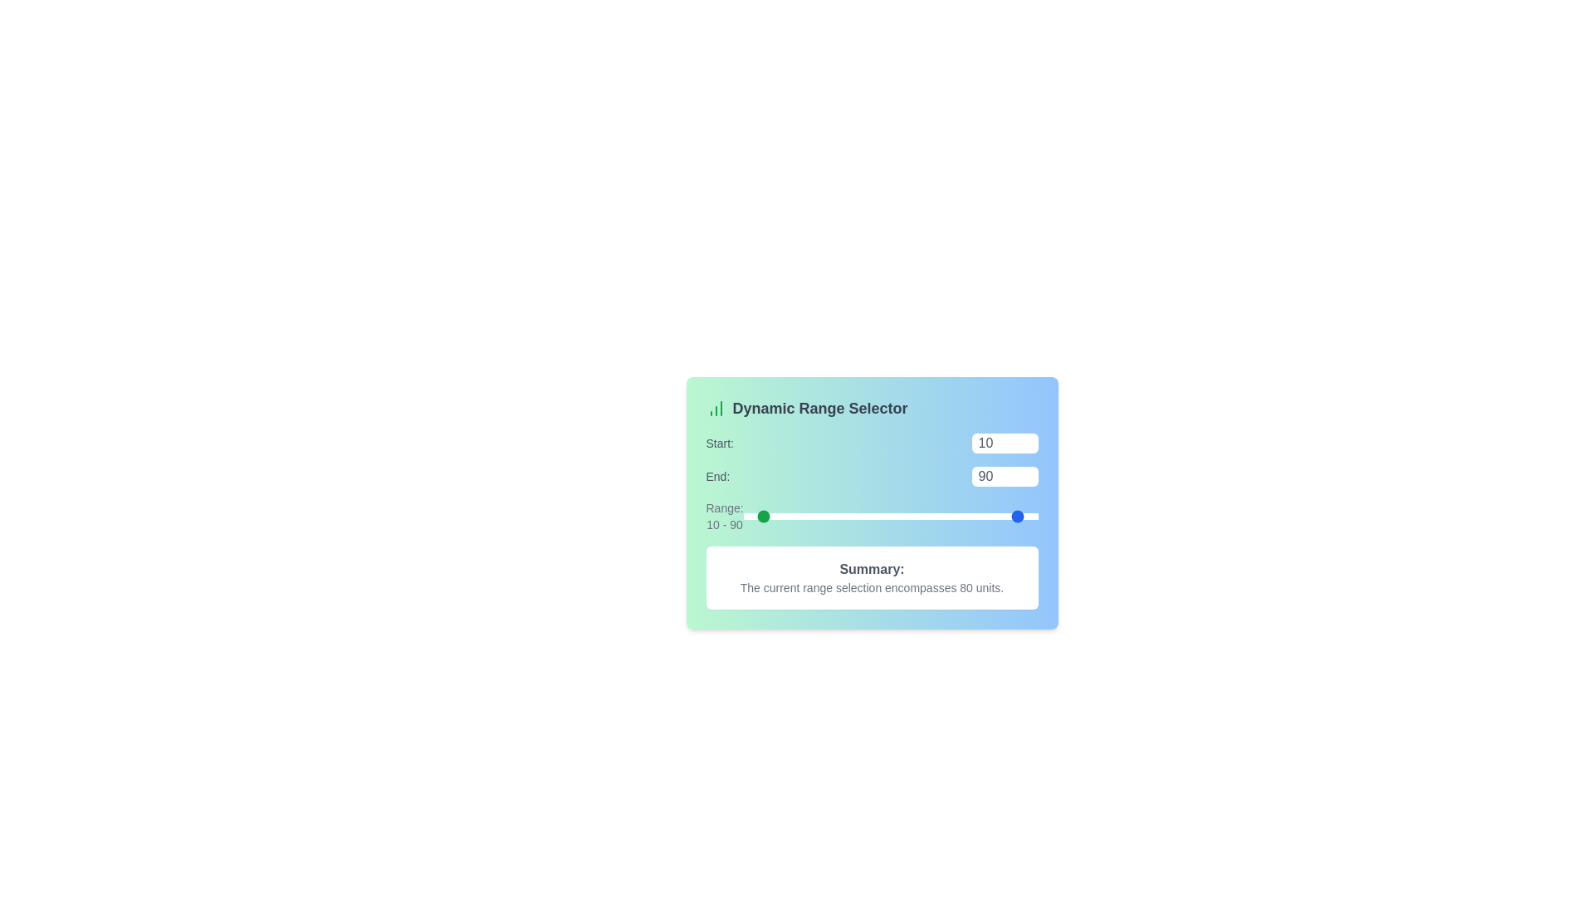  Describe the element at coordinates (1004, 442) in the screenshot. I see `the 'Start' range value to 12 using the input box` at that location.